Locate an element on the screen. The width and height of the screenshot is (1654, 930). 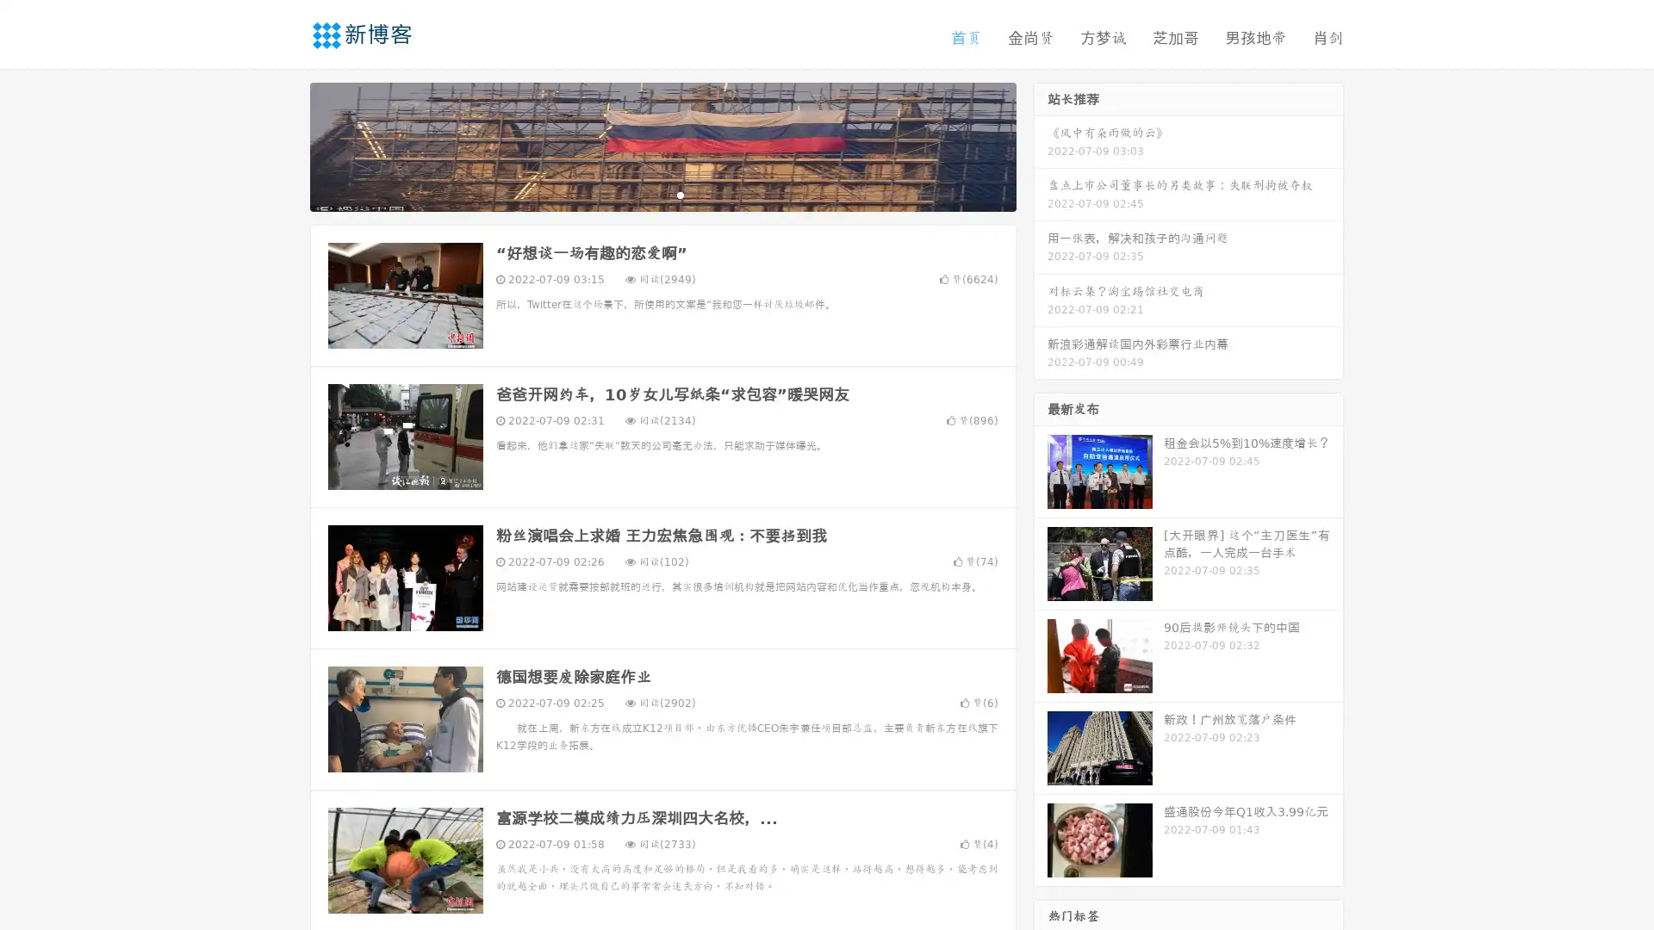
Go to slide 1 is located at coordinates (644, 194).